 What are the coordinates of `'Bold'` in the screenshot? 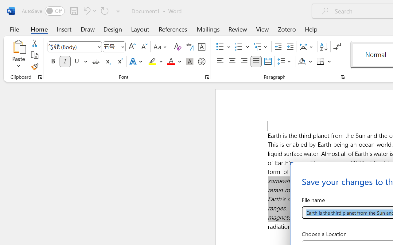 It's located at (53, 62).